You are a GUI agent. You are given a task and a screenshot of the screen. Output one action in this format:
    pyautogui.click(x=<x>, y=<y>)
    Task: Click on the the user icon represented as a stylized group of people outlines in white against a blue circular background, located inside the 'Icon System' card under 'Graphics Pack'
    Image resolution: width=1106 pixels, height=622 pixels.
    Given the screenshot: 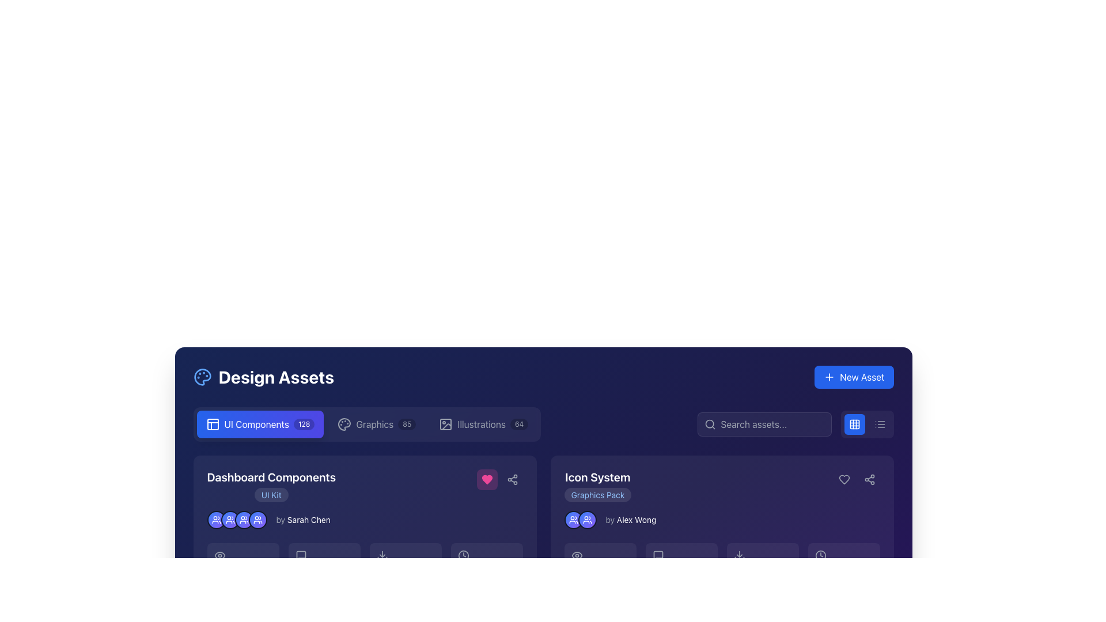 What is the action you would take?
    pyautogui.click(x=587, y=519)
    